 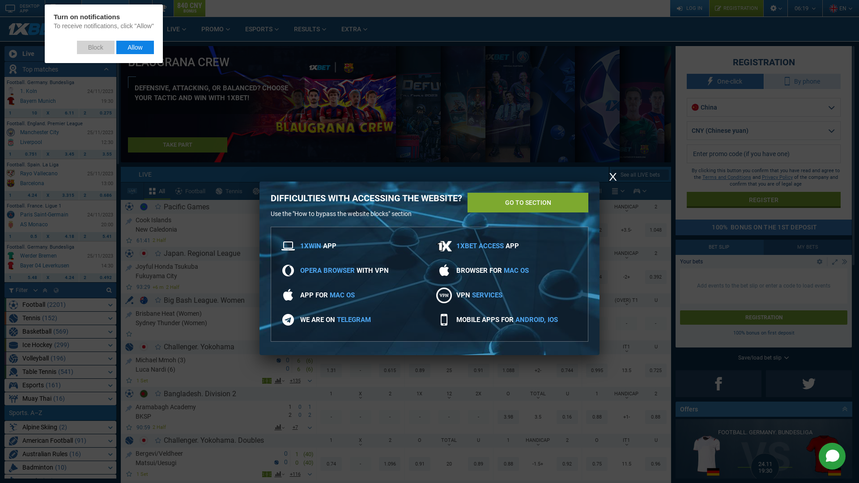 I want to click on 'X, so click(x=60, y=153).